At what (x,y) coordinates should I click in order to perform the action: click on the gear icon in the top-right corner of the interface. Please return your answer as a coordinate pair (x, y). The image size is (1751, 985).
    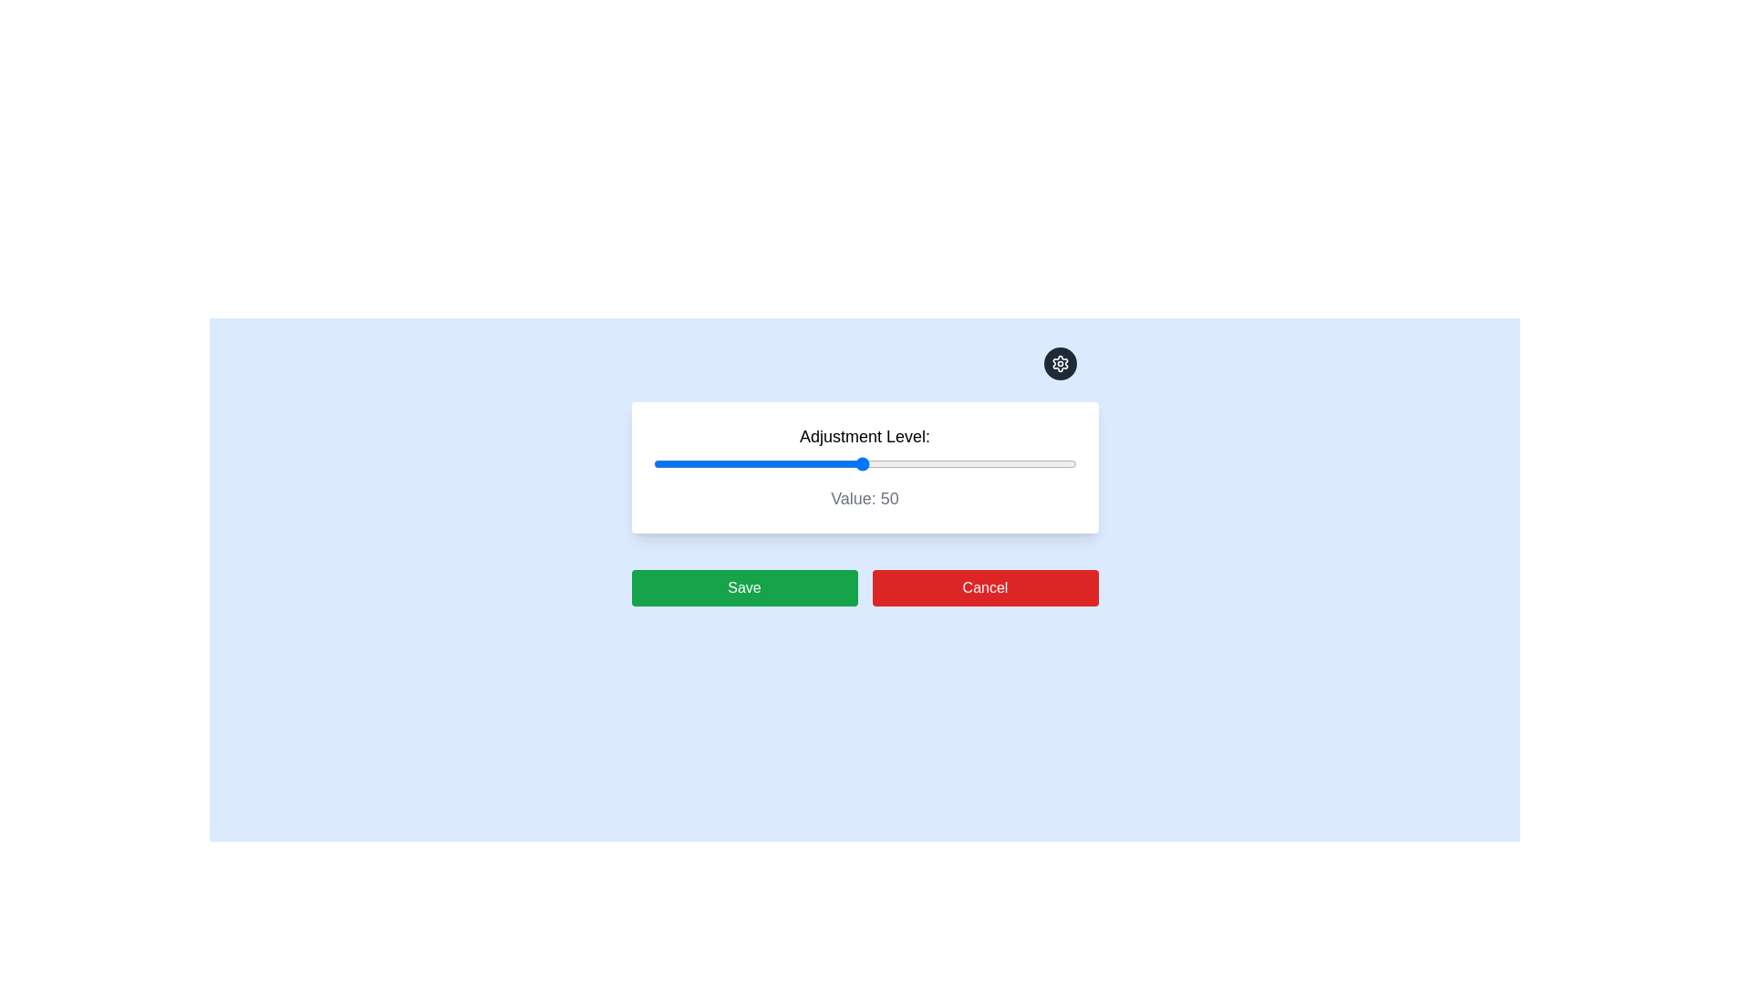
    Looking at the image, I should click on (1060, 363).